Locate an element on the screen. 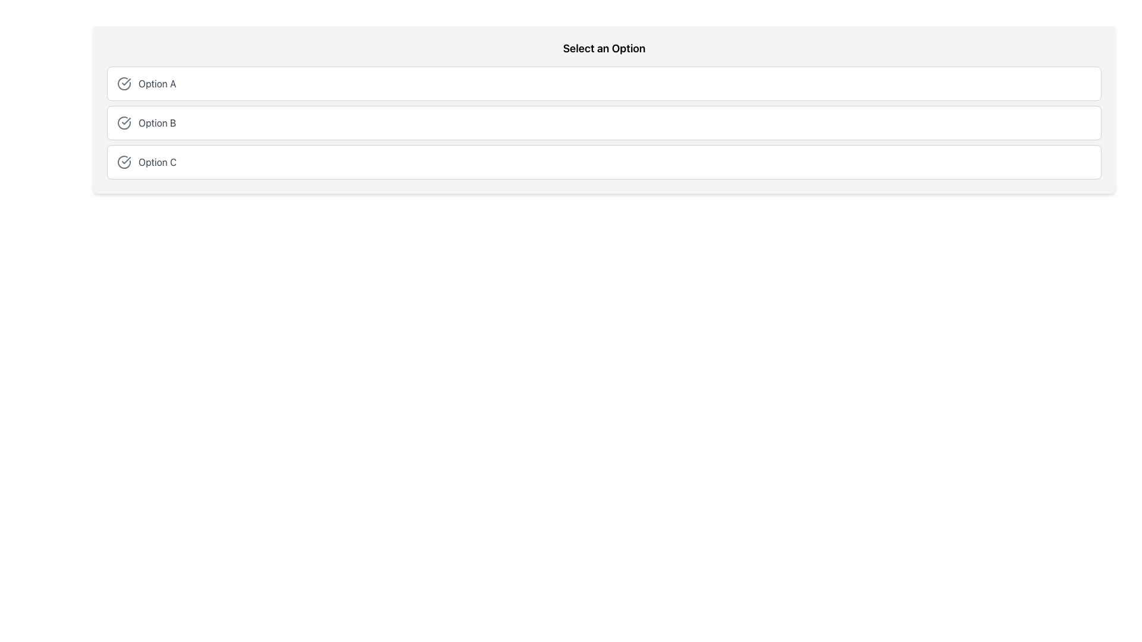 The width and height of the screenshot is (1142, 642). the selection icon indicating that 'Option B' is currently chosen, positioned on the left side of the 'Option B' row is located at coordinates (124, 123).